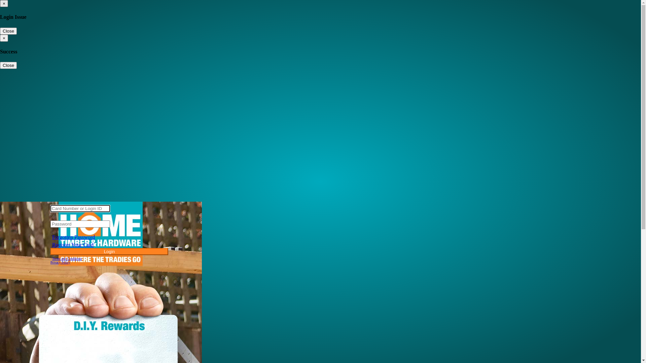 This screenshot has width=646, height=363. I want to click on 'Close', so click(8, 31).